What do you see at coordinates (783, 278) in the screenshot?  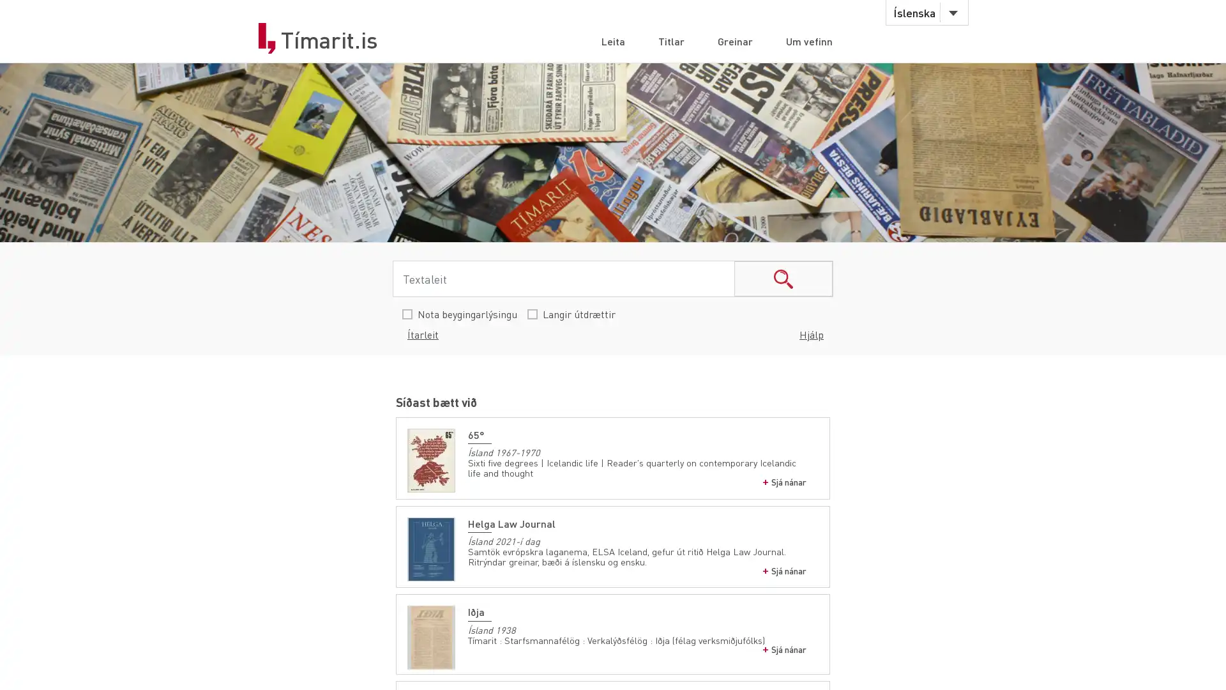 I see `search` at bounding box center [783, 278].